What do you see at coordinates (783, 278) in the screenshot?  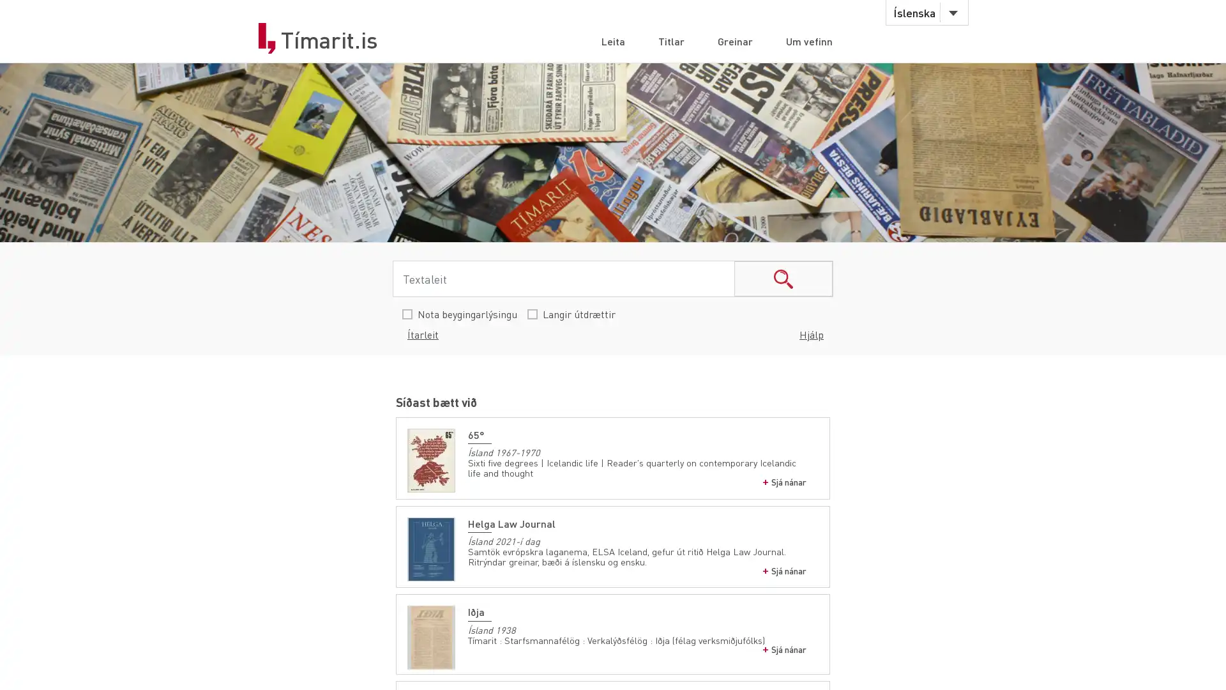 I see `search` at bounding box center [783, 278].